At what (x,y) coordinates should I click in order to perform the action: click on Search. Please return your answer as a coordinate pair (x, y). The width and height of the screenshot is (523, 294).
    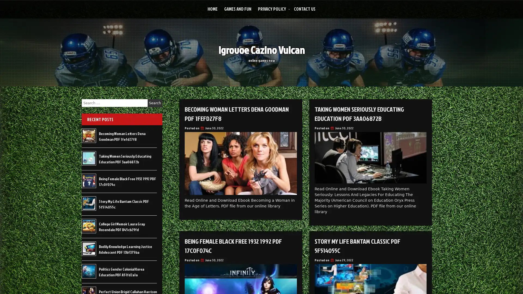
    Looking at the image, I should click on (155, 103).